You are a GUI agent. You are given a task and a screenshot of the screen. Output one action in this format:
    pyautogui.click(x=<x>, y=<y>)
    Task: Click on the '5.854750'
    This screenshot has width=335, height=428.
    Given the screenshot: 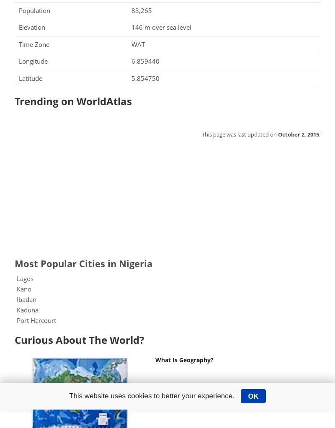 What is the action you would take?
    pyautogui.click(x=145, y=78)
    